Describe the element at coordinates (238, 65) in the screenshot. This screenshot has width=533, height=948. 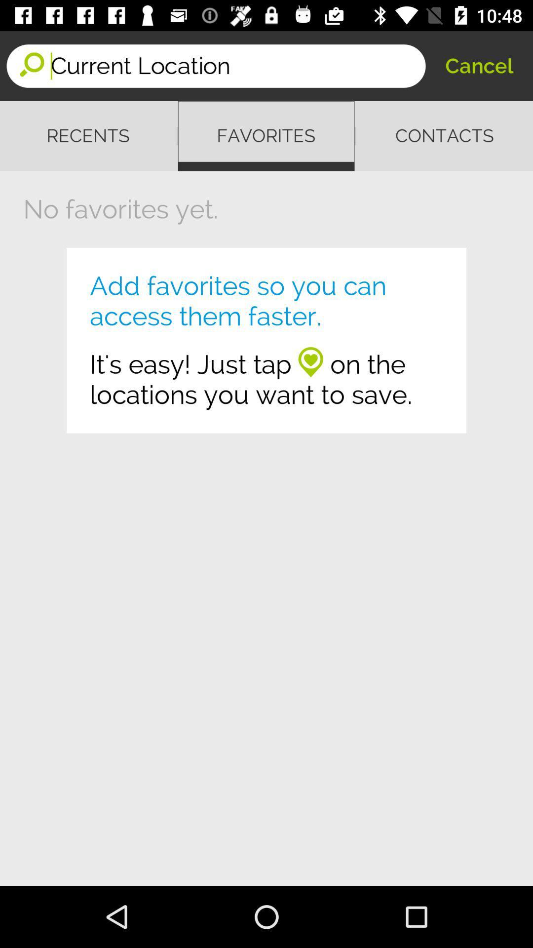
I see `current location icon` at that location.